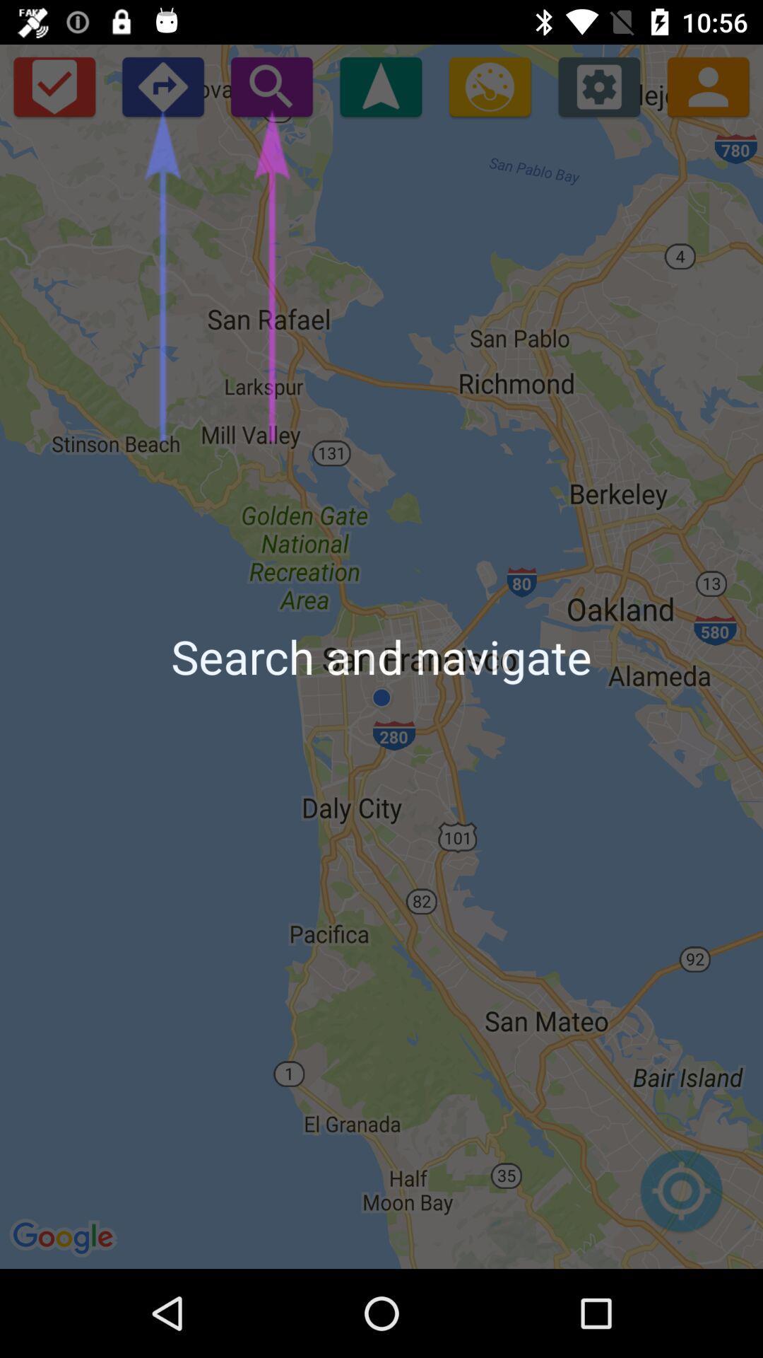 This screenshot has height=1358, width=763. I want to click on search option, so click(271, 86).